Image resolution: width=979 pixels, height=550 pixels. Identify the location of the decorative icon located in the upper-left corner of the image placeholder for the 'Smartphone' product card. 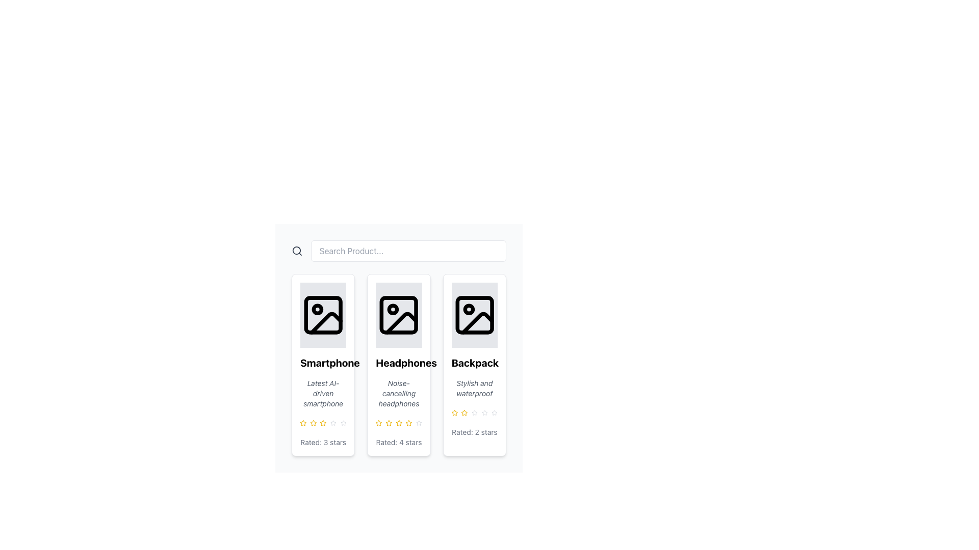
(317, 309).